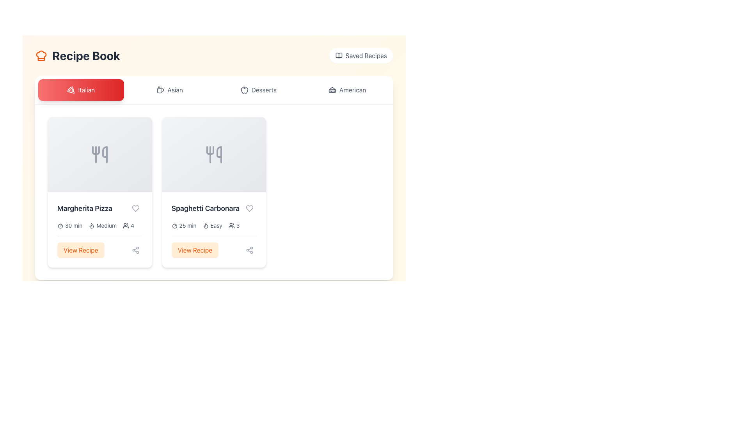 The image size is (749, 421). Describe the element at coordinates (160, 90) in the screenshot. I see `the 'Asian' category button, which is visually complemented by an icon` at that location.